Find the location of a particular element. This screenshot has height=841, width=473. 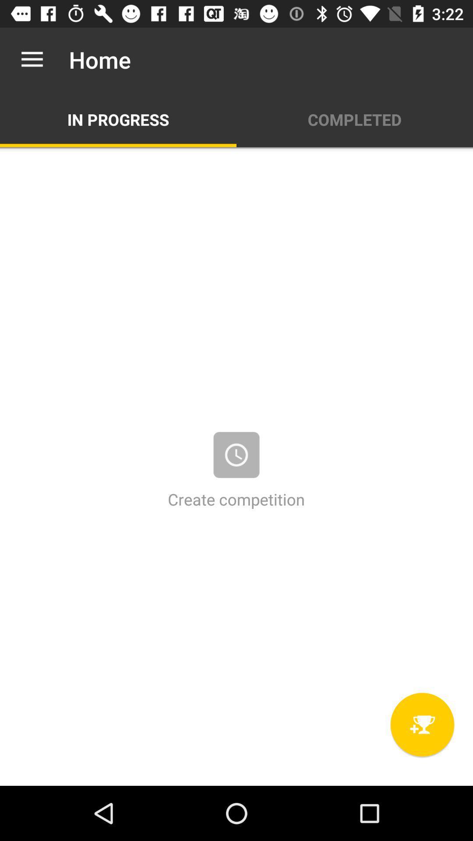

icon at the bottom right corner is located at coordinates (422, 724).